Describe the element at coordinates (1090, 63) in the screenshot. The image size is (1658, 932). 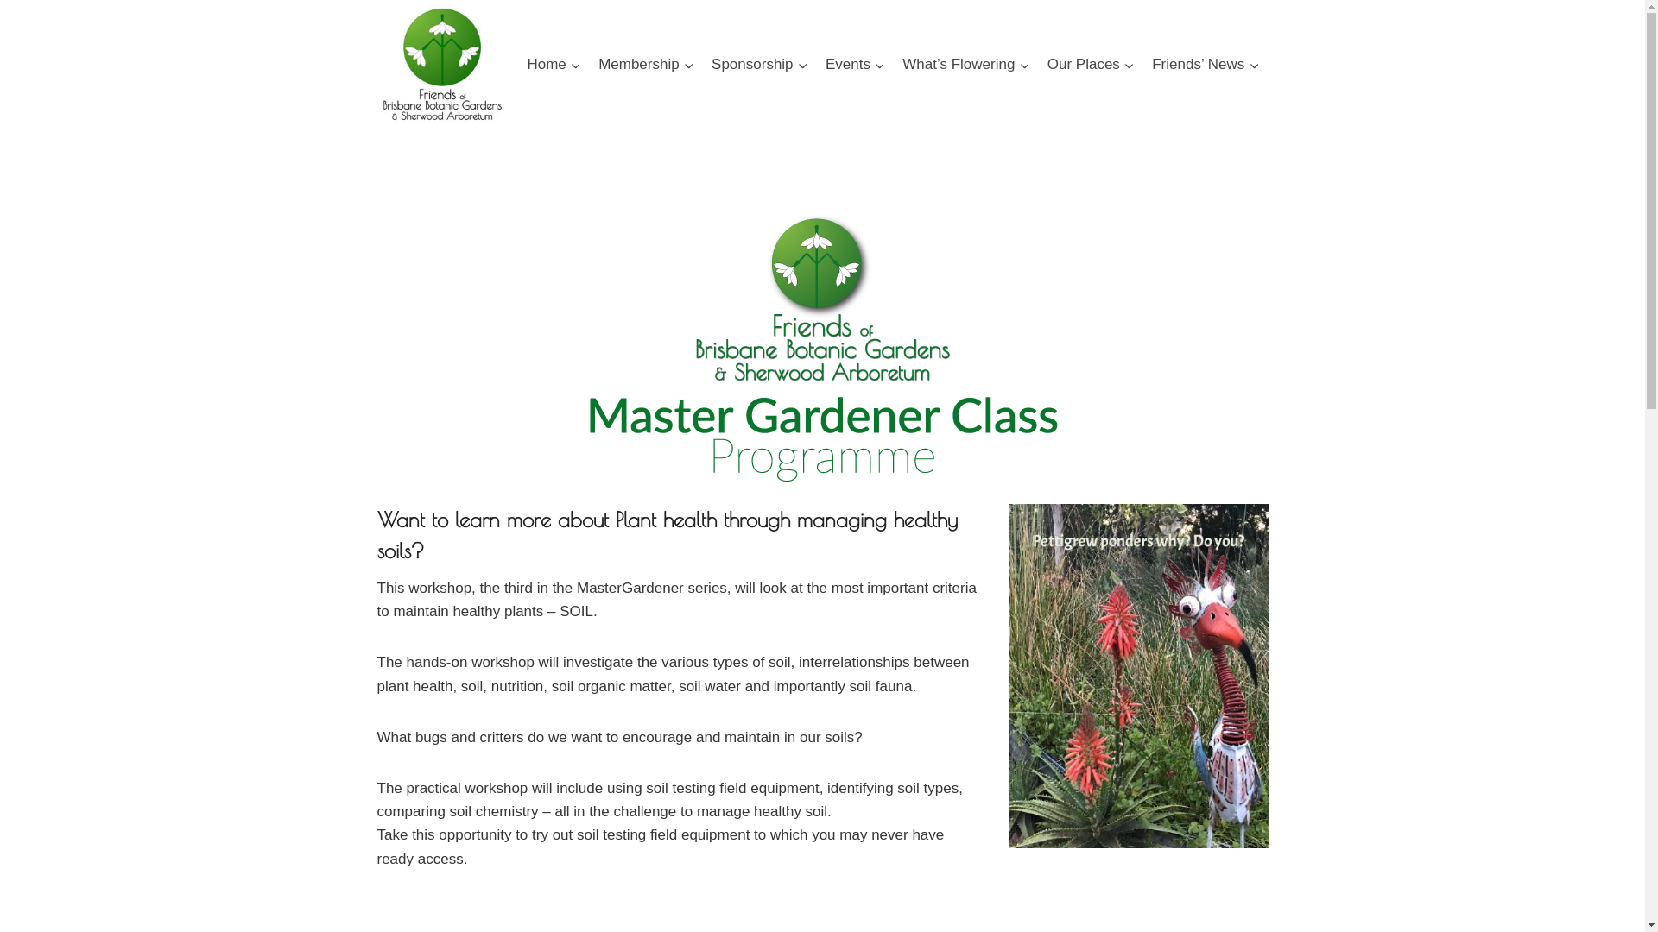
I see `'Our Places'` at that location.